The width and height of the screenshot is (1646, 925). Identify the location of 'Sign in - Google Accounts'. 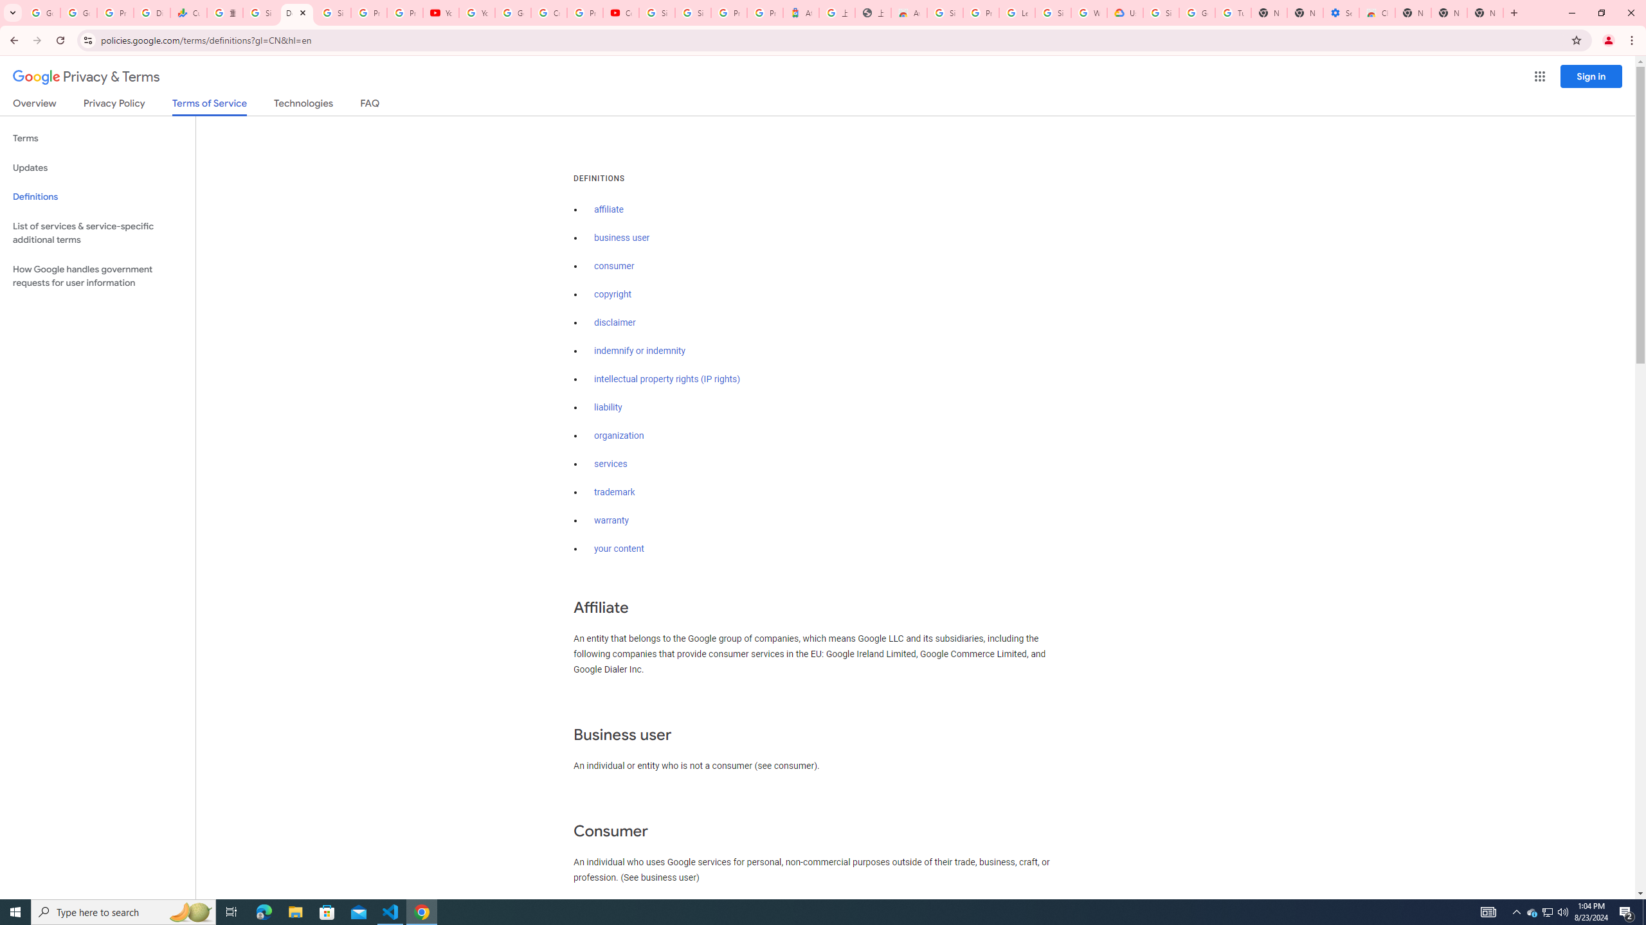
(260, 12).